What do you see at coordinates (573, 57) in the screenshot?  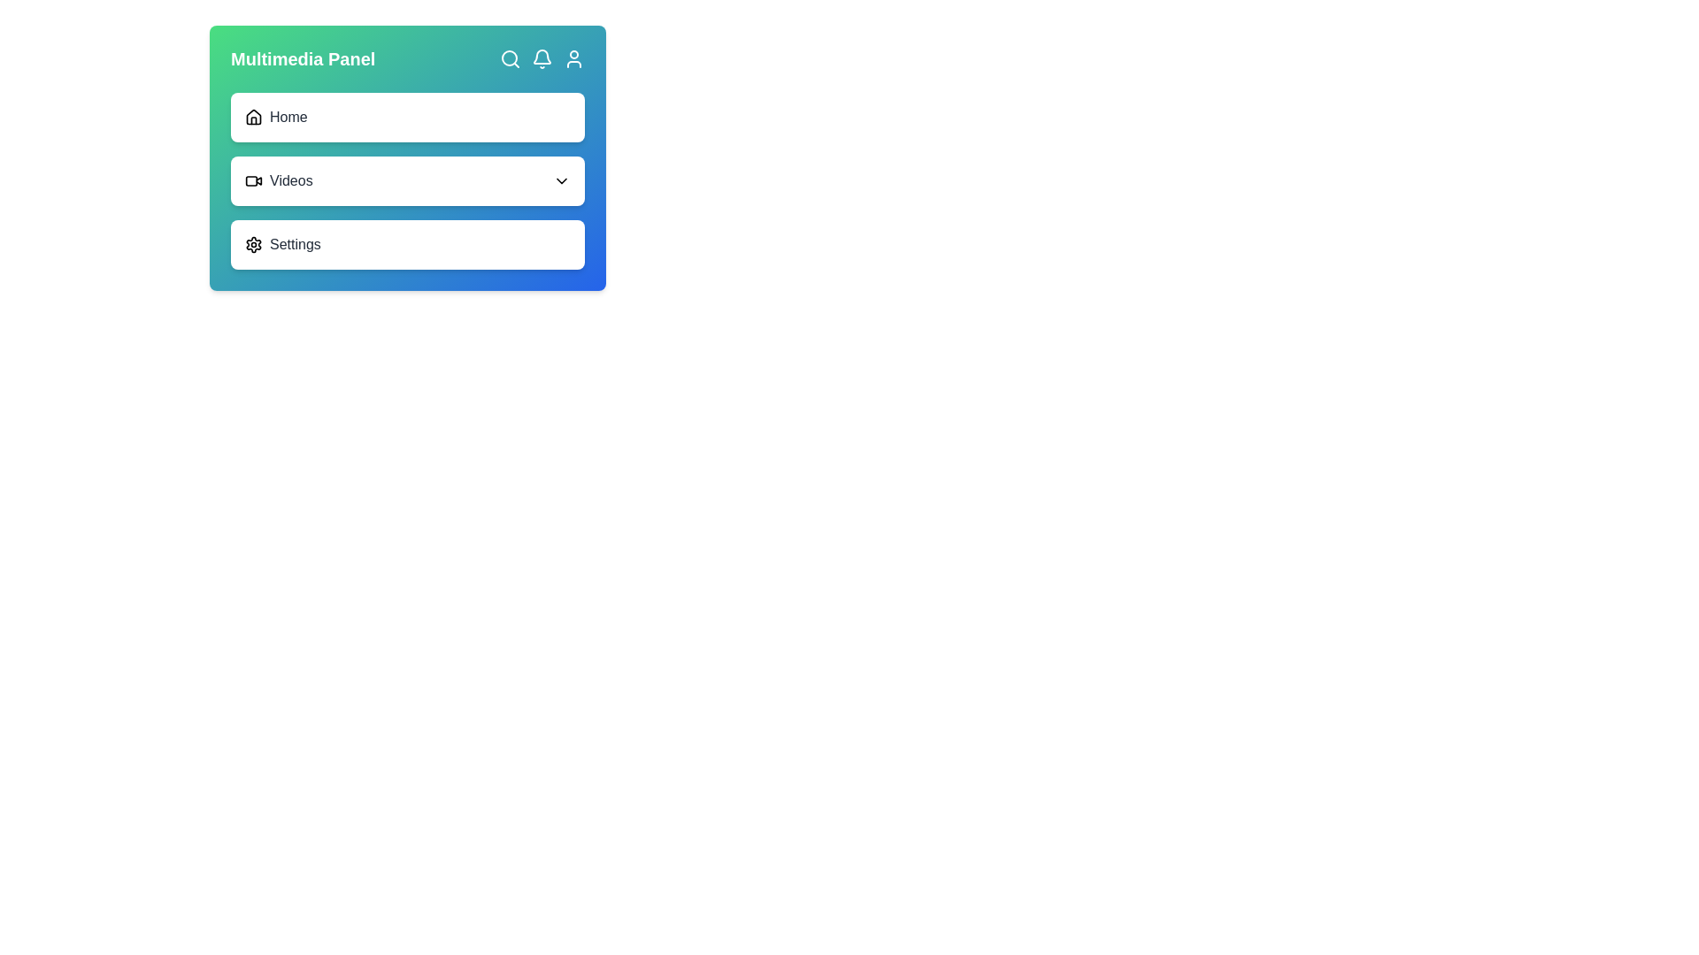 I see `the user profile icon, which is the rightmost icon in the top-right section of the interface header, to trigger a tooltip or visual feedback indicating its purpose` at bounding box center [573, 57].